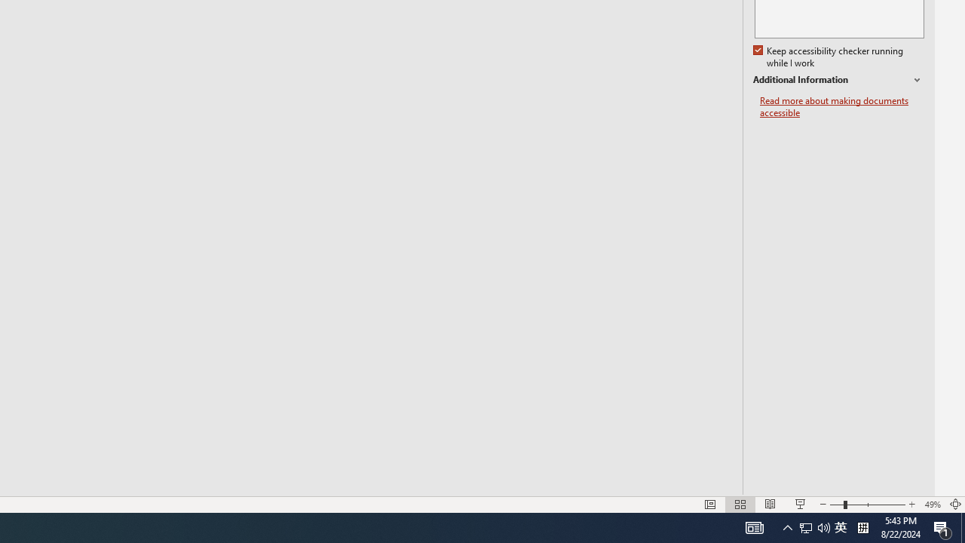  What do you see at coordinates (838, 80) in the screenshot?
I see `'Additional Information'` at bounding box center [838, 80].